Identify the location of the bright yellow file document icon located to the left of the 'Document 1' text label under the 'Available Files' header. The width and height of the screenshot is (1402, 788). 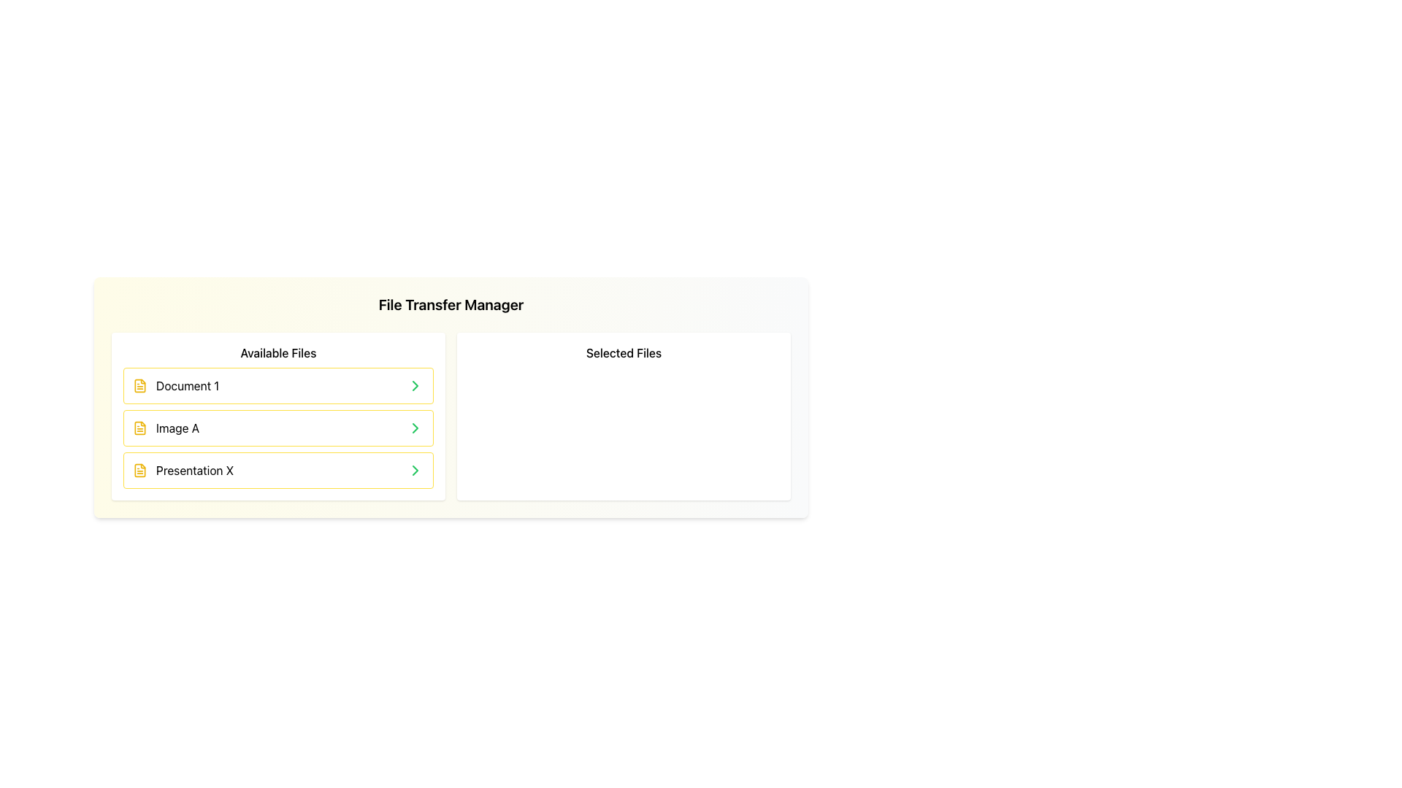
(140, 385).